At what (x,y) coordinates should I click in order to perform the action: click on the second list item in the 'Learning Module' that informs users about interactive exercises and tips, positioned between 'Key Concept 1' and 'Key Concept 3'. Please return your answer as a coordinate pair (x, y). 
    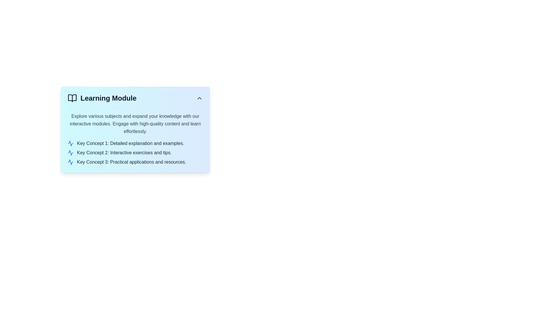
    Looking at the image, I should click on (135, 153).